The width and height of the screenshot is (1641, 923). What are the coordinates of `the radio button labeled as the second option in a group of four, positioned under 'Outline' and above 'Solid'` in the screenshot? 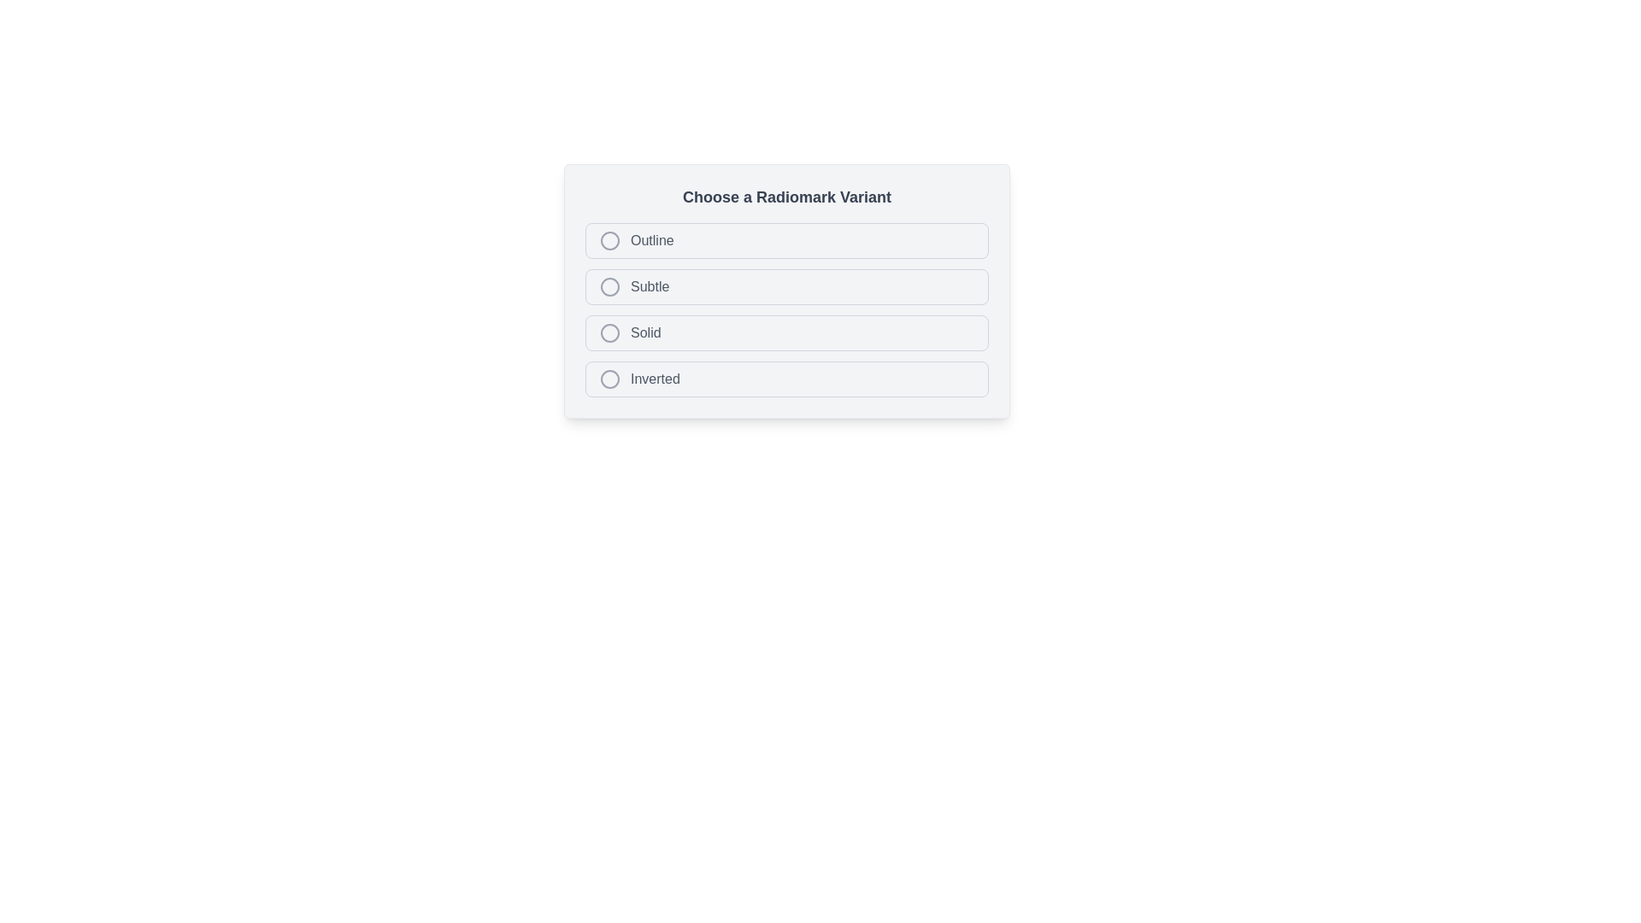 It's located at (786, 285).